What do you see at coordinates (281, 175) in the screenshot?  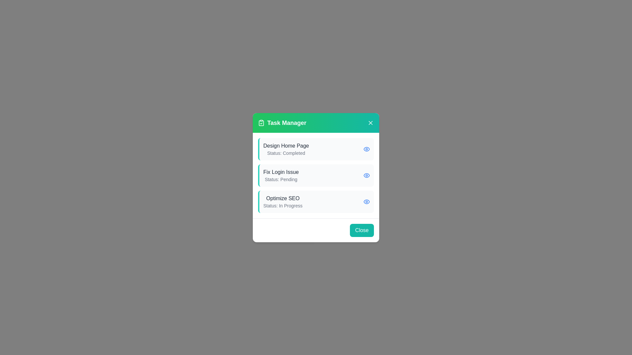 I see `the text display component that shows the task titled 'Fix Login Issue' with the status 'Pending', located within a card-like UI with a teal border and light gray background in the 'Task Manager' dialog` at bounding box center [281, 175].